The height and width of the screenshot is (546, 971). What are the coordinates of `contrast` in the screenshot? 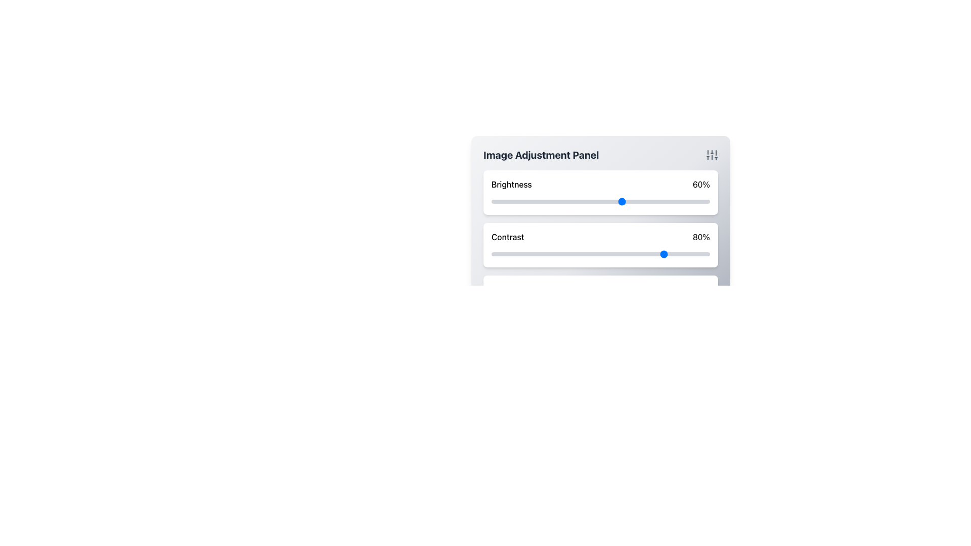 It's located at (705, 253).